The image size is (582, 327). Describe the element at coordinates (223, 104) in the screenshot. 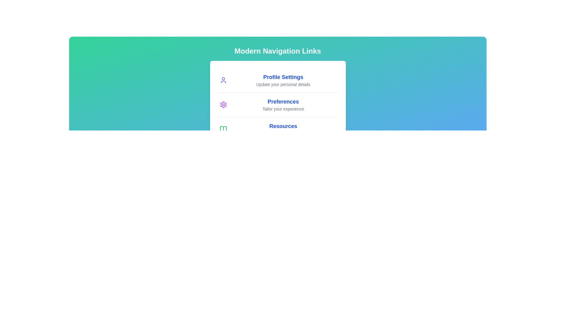

I see `the cogwheel-shaped icon with a purple outline that represents settings, located next to the 'Preferences' label and above the 'Resources' label` at that location.